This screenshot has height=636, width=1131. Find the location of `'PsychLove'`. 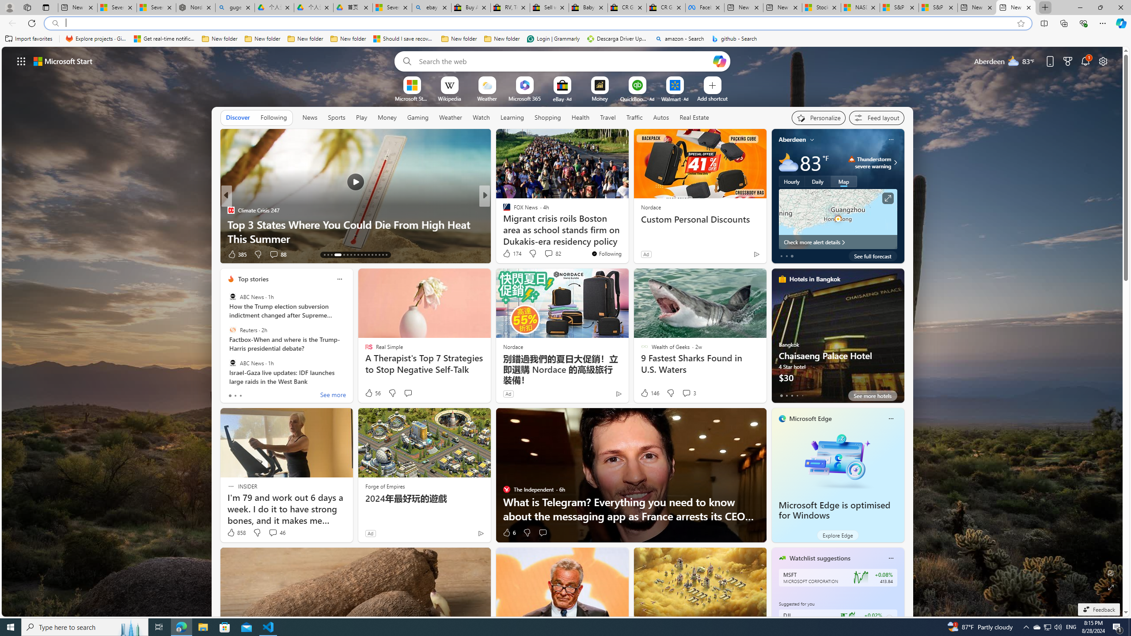

'PsychLove' is located at coordinates (502, 209).